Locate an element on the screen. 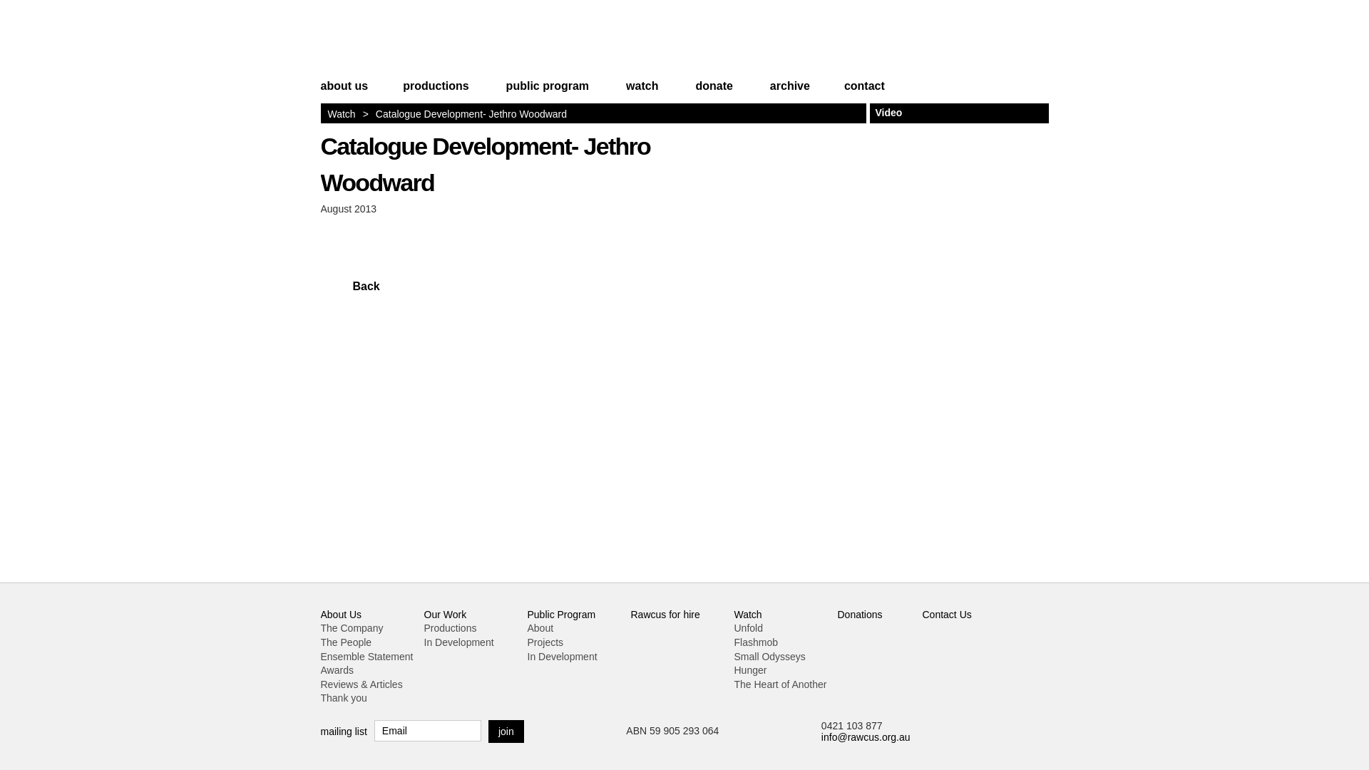 The height and width of the screenshot is (770, 1369). 'Flashmob' is located at coordinates (755, 642).